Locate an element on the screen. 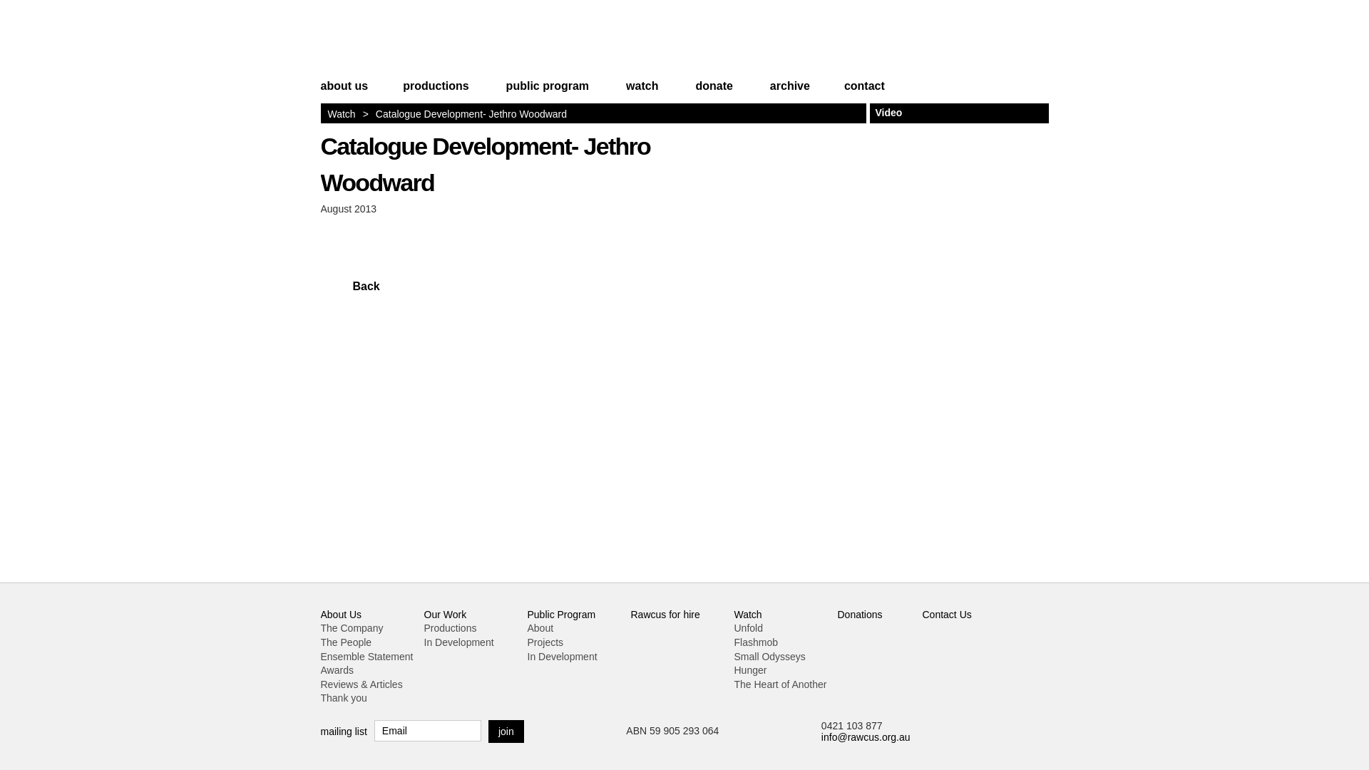 The height and width of the screenshot is (770, 1369). 'Flashmob' is located at coordinates (755, 642).